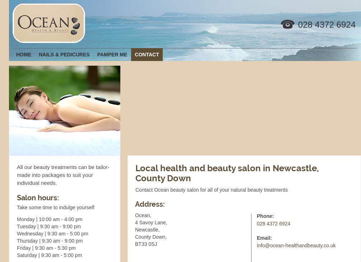 Image resolution: width=361 pixels, height=262 pixels. What do you see at coordinates (227, 173) in the screenshot?
I see `'Local health and beauty salon in Newcastle, County Down'` at bounding box center [227, 173].